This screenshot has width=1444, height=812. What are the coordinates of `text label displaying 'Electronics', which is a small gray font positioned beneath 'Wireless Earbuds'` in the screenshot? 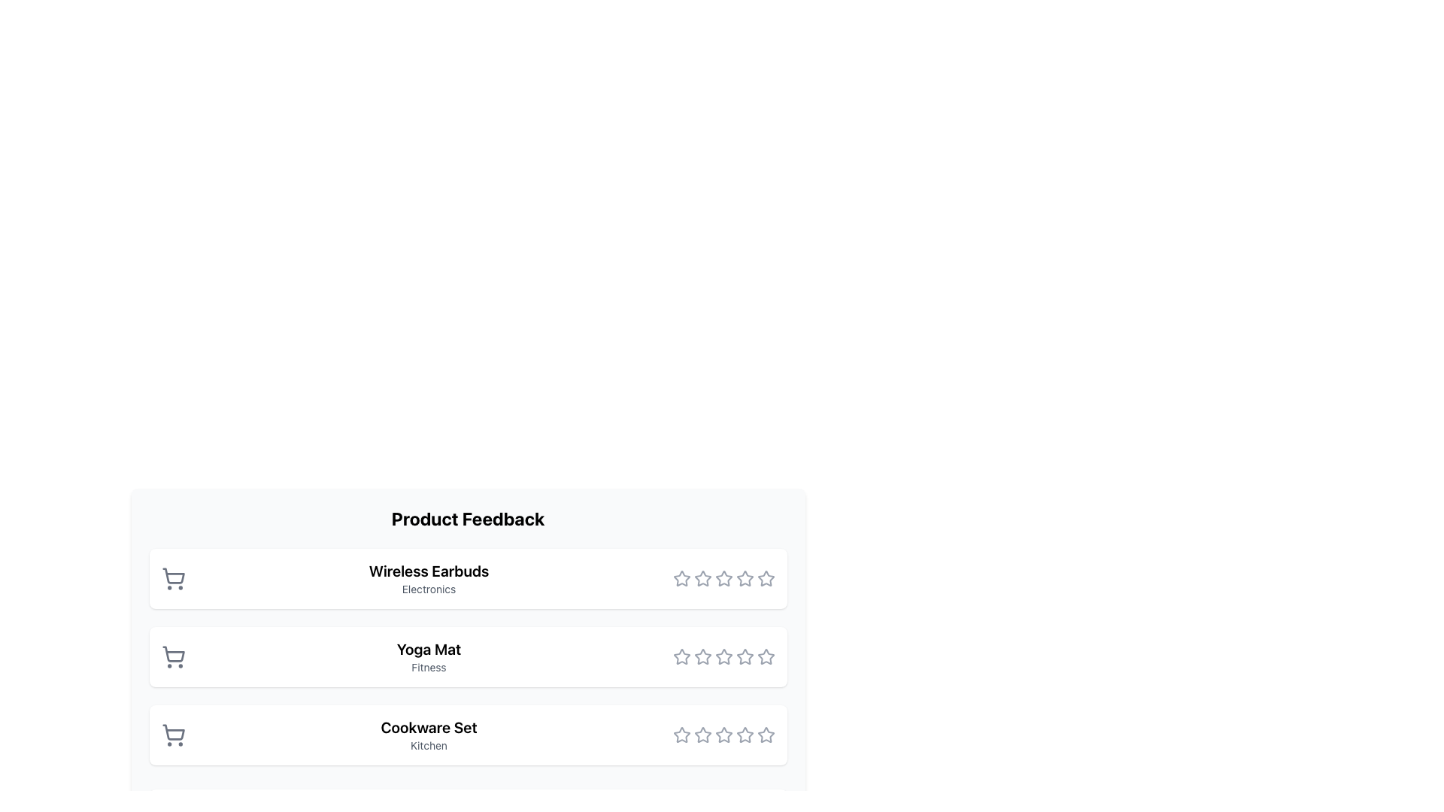 It's located at (428, 588).